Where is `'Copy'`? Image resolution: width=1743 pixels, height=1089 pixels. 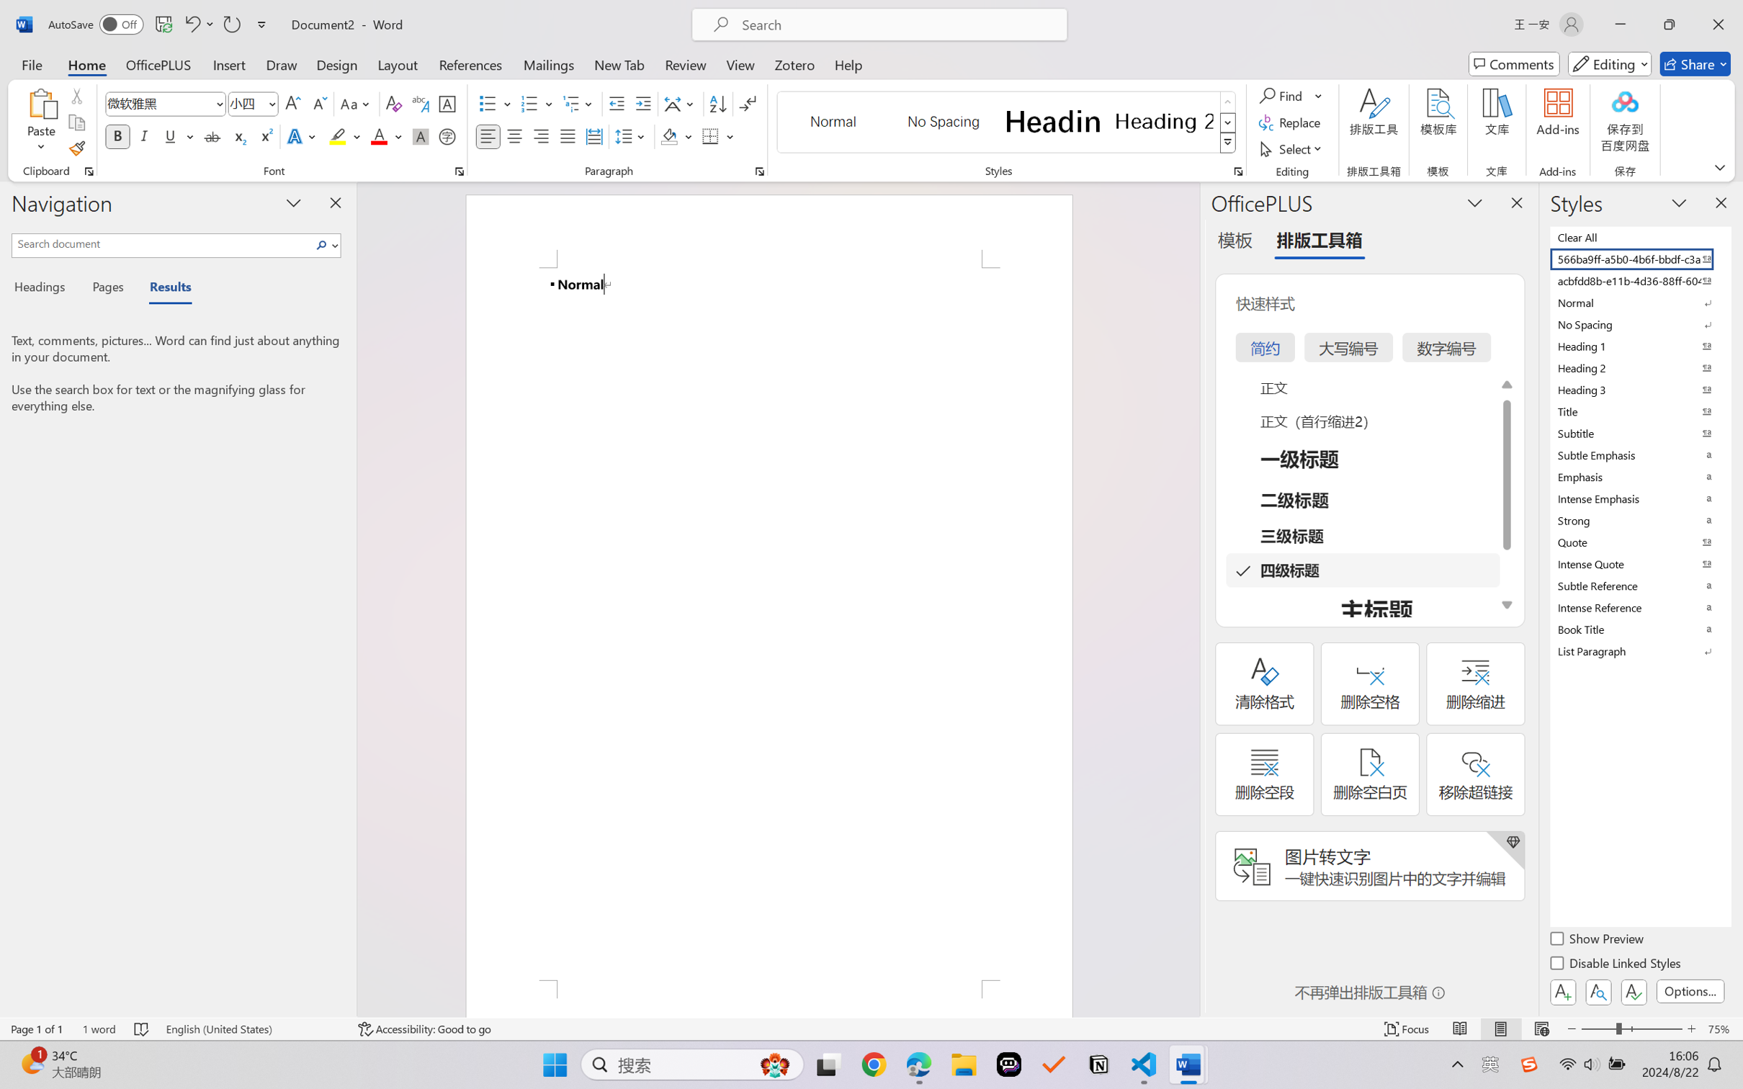 'Copy' is located at coordinates (76, 122).